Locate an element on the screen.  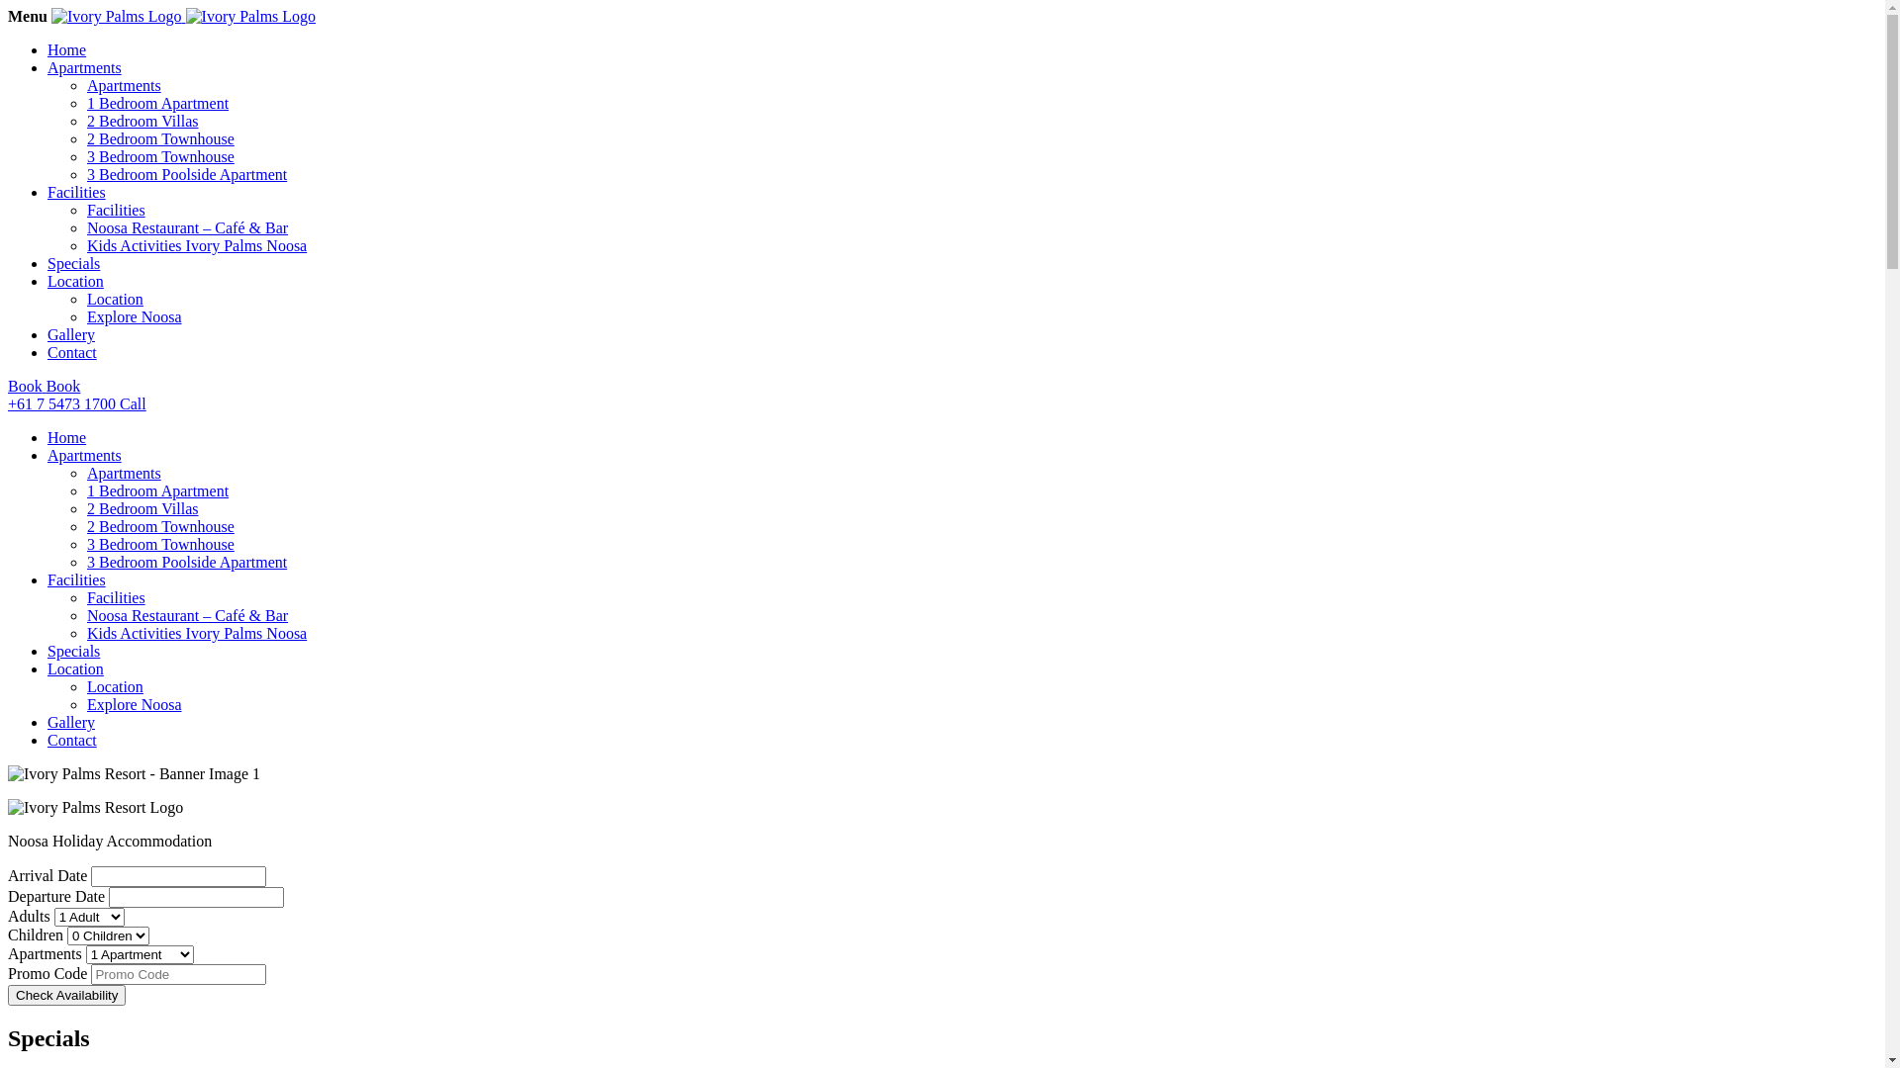
'2 Bedroom Townhouse' is located at coordinates (160, 137).